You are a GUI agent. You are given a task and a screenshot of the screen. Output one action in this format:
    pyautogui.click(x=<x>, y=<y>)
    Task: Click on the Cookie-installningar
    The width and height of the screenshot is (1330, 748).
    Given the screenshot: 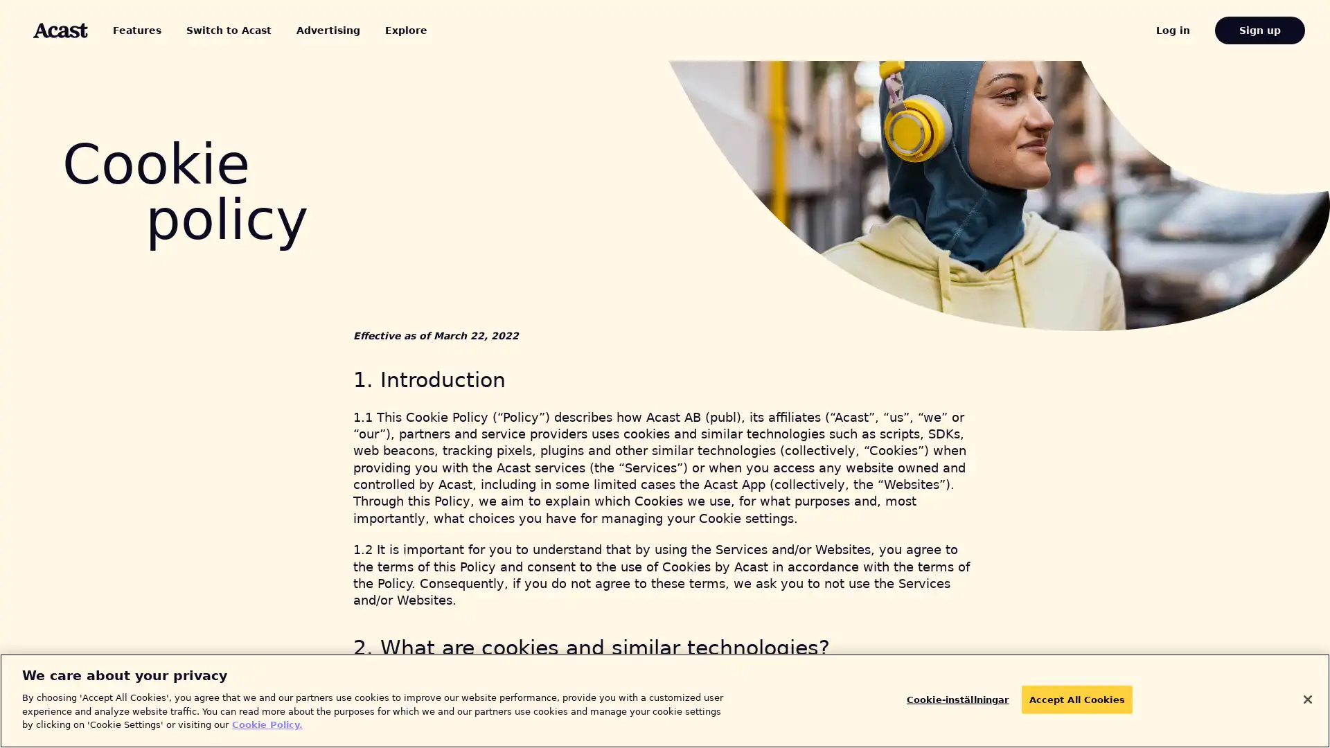 What is the action you would take?
    pyautogui.click(x=964, y=700)
    